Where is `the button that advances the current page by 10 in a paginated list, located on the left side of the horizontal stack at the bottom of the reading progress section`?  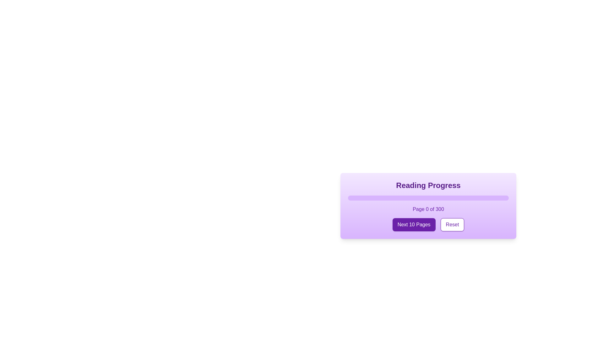 the button that advances the current page by 10 in a paginated list, located on the left side of the horizontal stack at the bottom of the reading progress section is located at coordinates (414, 224).